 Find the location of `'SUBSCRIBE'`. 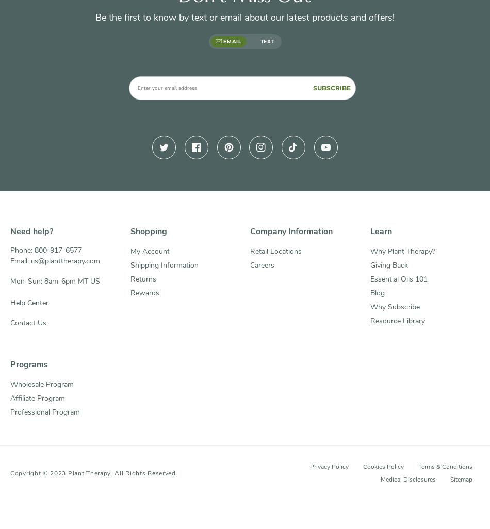

'SUBSCRIBE' is located at coordinates (332, 87).